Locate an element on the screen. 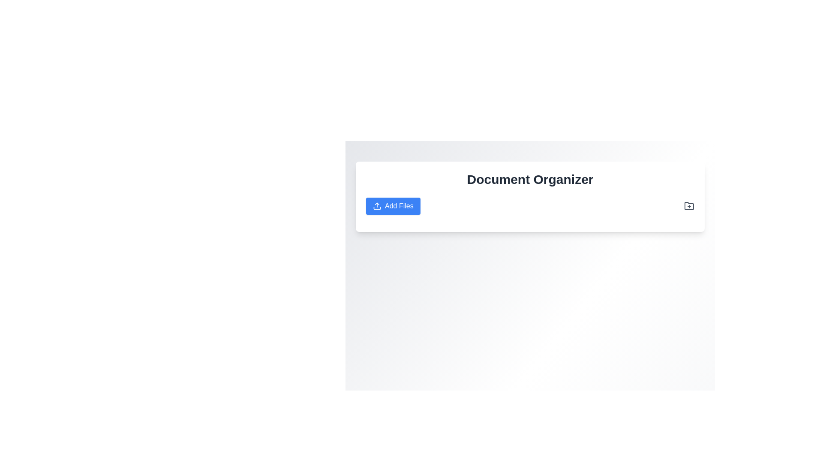 The height and width of the screenshot is (463, 823). the upload icon located to the left of the Add Files button under the Document Organizer title is located at coordinates (377, 206).